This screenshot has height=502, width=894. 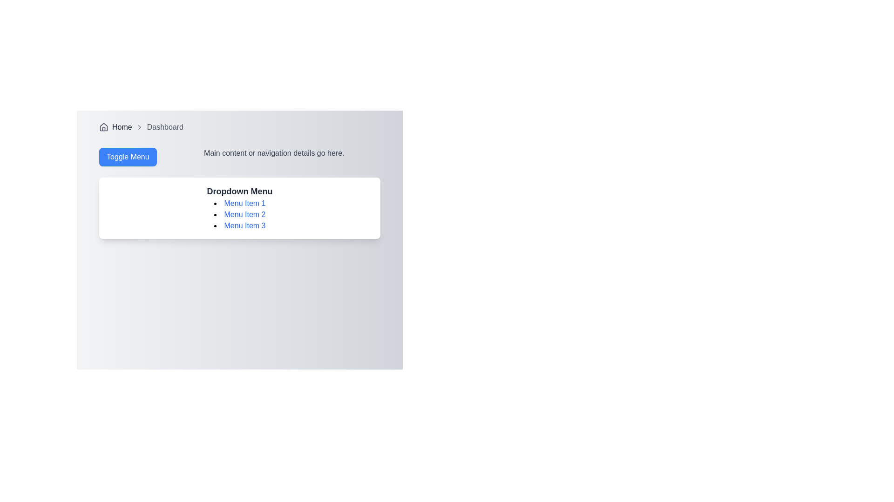 What do you see at coordinates (239, 191) in the screenshot?
I see `the 'Dropdown Menu' heading, which is a bold, black text element styled with a larger font size, positioned at the top of a white box containing menu items` at bounding box center [239, 191].